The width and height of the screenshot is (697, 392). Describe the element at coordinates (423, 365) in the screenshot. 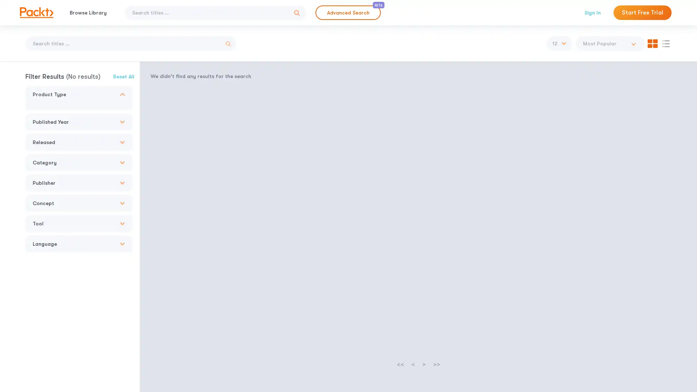

I see `>` at that location.